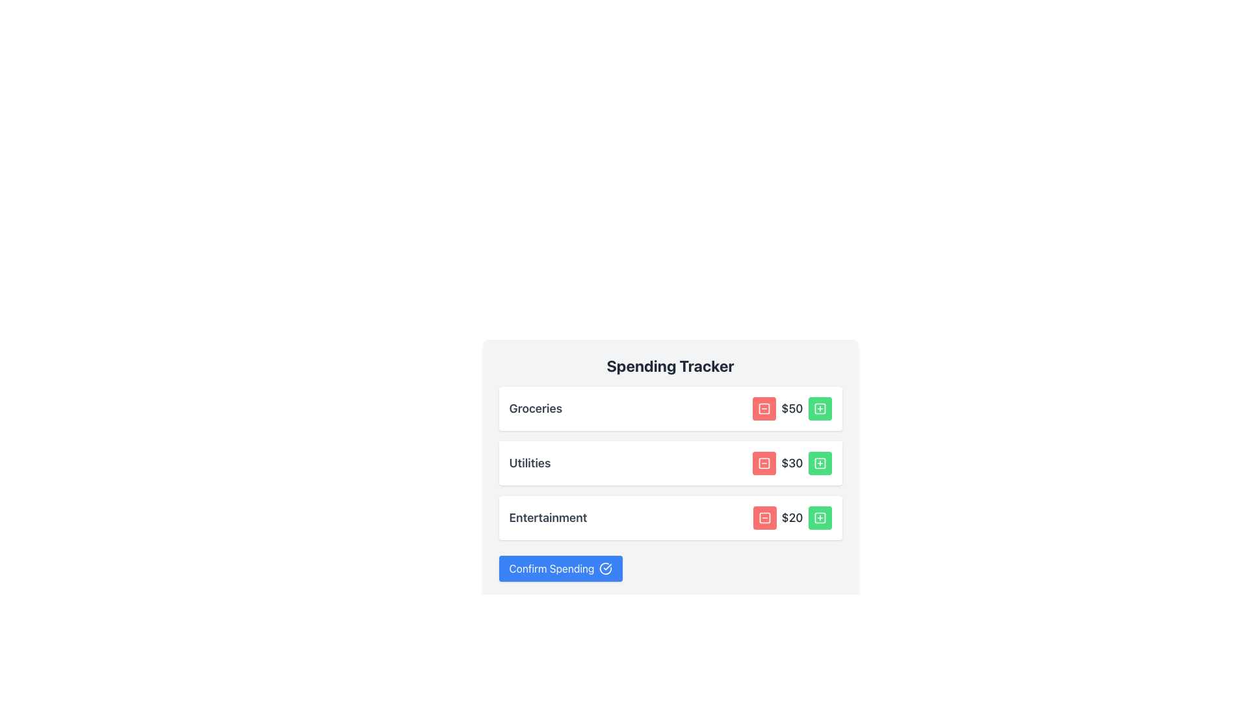  I want to click on the first item in the spending tracker list, which details 'Groceries' with an amount of '$50', so click(670, 408).